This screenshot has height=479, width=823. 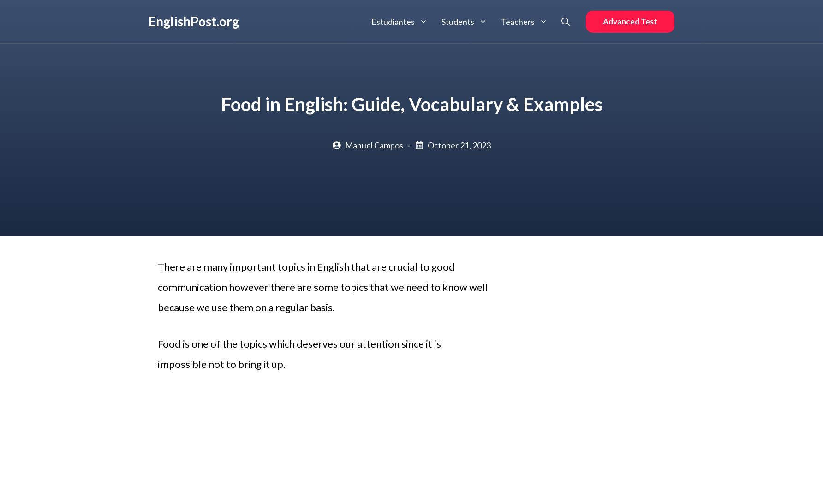 What do you see at coordinates (193, 21) in the screenshot?
I see `'EnglishPost.org'` at bounding box center [193, 21].